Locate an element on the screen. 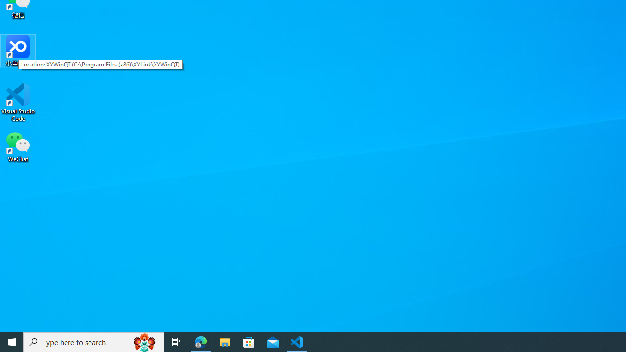 The height and width of the screenshot is (352, 626). 'Visual Studio Code' is located at coordinates (18, 102).